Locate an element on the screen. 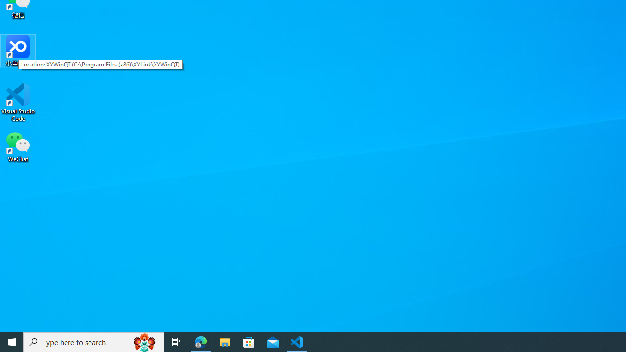 The height and width of the screenshot is (352, 626). 'Visual Studio Code' is located at coordinates (18, 102).